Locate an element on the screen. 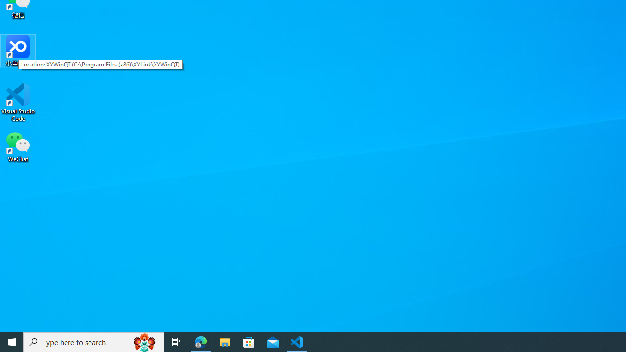 The height and width of the screenshot is (352, 626). 'Visual Studio Code' is located at coordinates (18, 102).